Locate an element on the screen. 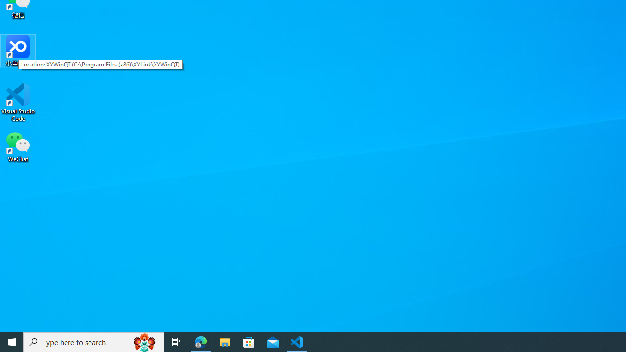 The height and width of the screenshot is (352, 626). 'Visual Studio Code' is located at coordinates (18, 102).